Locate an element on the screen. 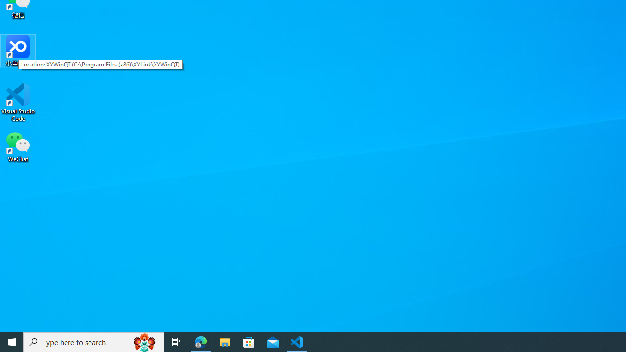 The height and width of the screenshot is (352, 626). 'Visual Studio Code' is located at coordinates (18, 102).